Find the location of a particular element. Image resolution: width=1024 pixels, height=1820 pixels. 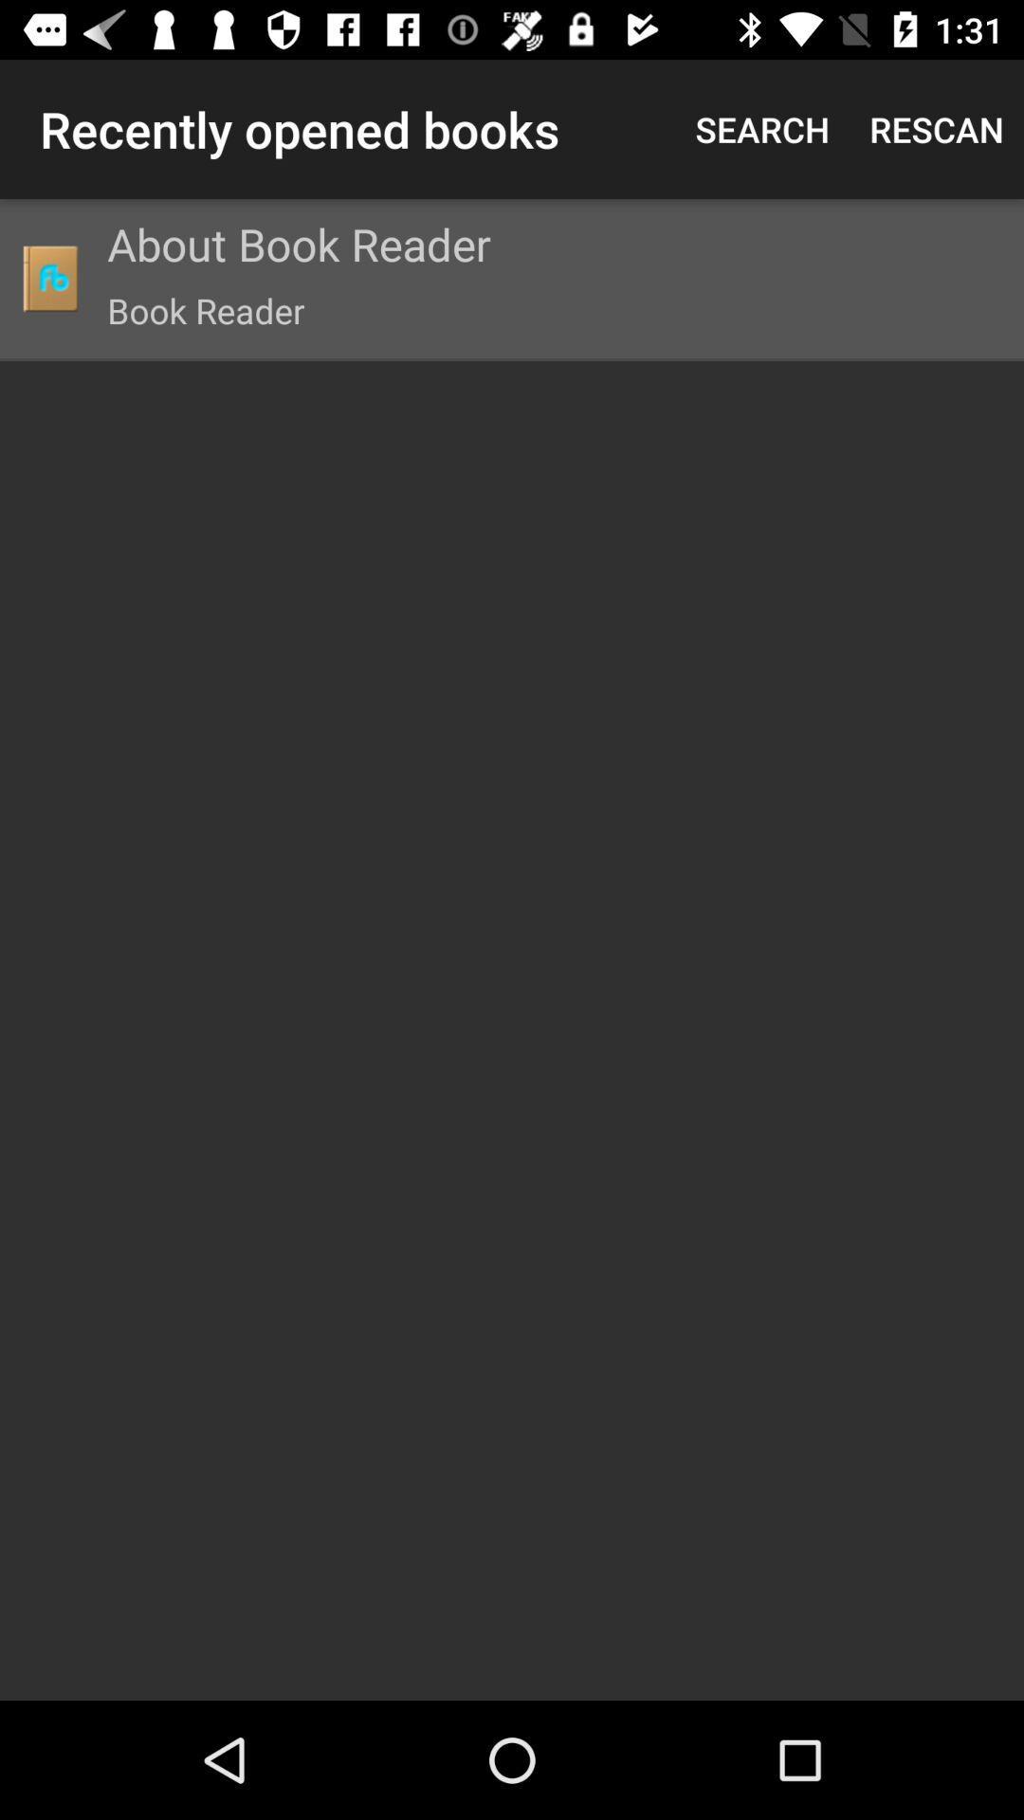

icon next to the rescan is located at coordinates (761, 128).